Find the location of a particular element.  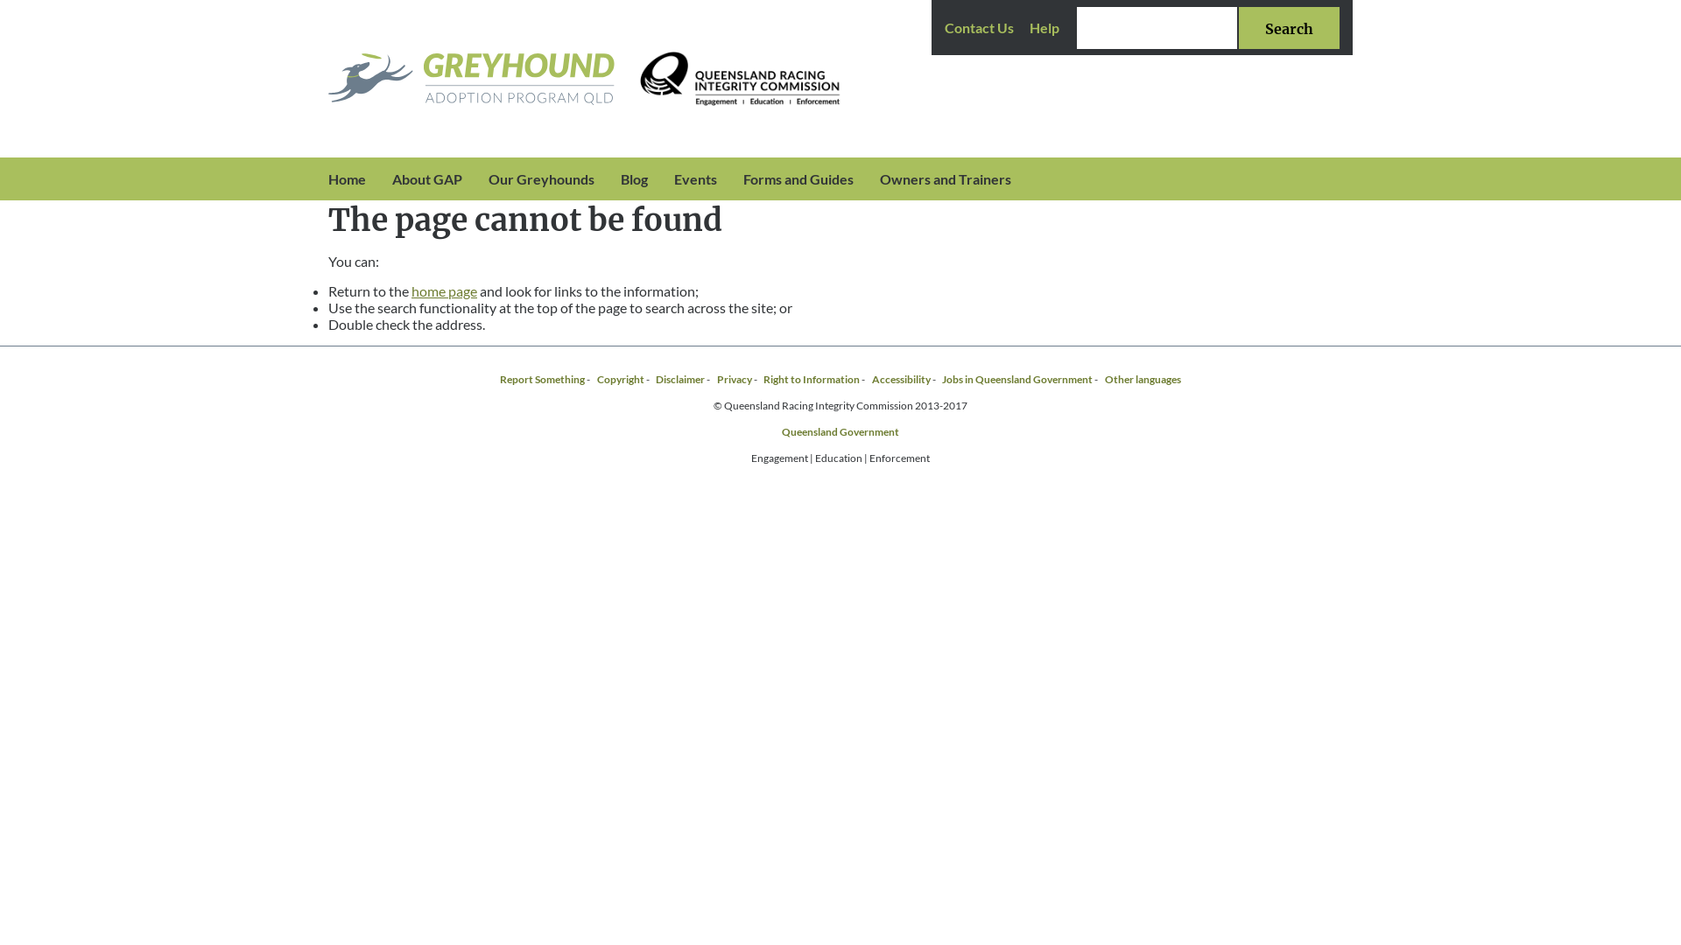

'Events' is located at coordinates (659, 178).